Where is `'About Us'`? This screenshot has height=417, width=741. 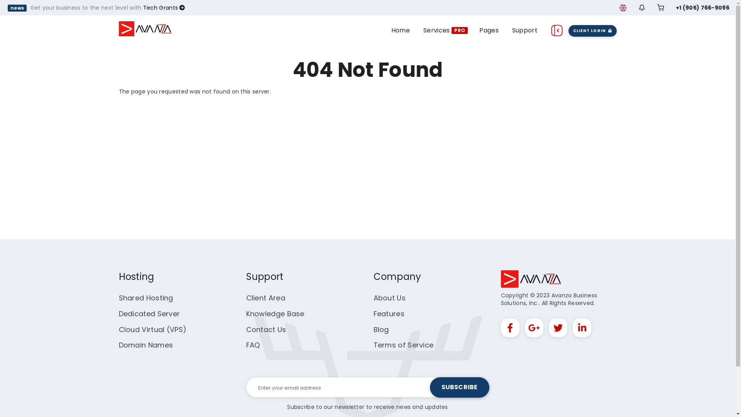 'About Us' is located at coordinates (389, 297).